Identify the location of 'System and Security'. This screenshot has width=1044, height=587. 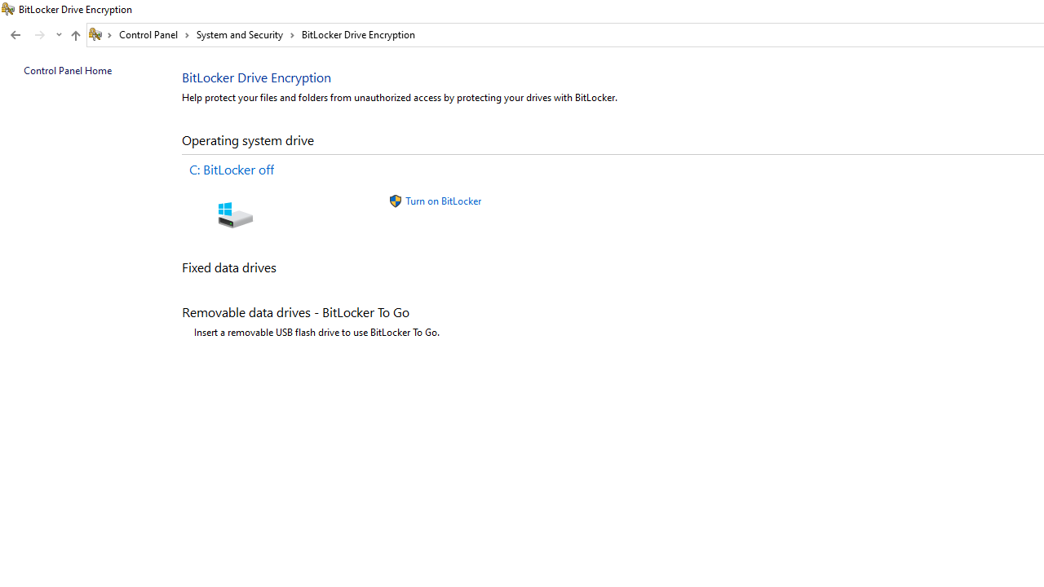
(245, 34).